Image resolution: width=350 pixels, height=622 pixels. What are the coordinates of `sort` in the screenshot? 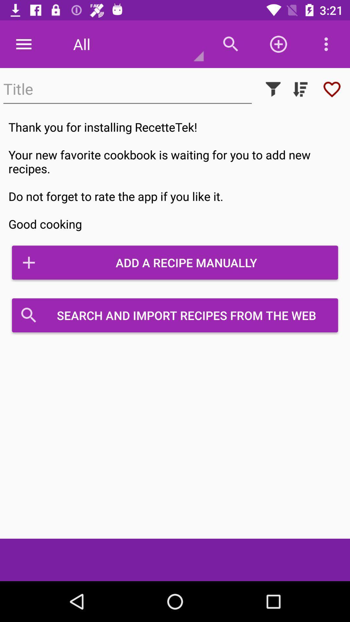 It's located at (300, 89).